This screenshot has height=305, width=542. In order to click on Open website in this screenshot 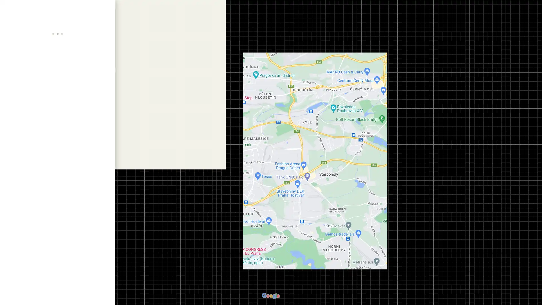, I will do `click(97, 153)`.